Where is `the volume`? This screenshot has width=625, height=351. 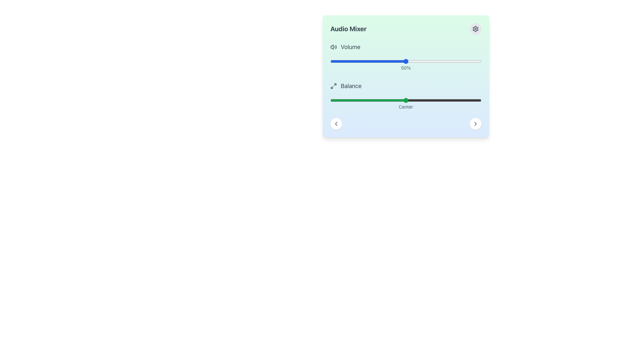 the volume is located at coordinates (431, 61).